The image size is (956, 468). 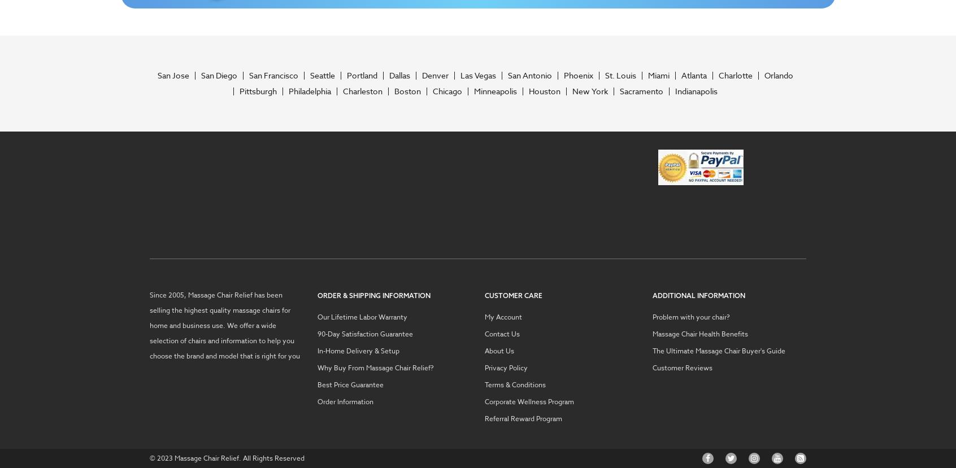 I want to click on 'Pittsburgh', so click(x=257, y=90).